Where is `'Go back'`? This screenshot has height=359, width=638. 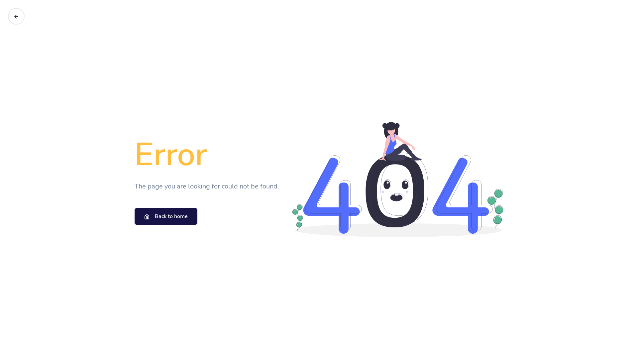 'Go back' is located at coordinates (16, 16).